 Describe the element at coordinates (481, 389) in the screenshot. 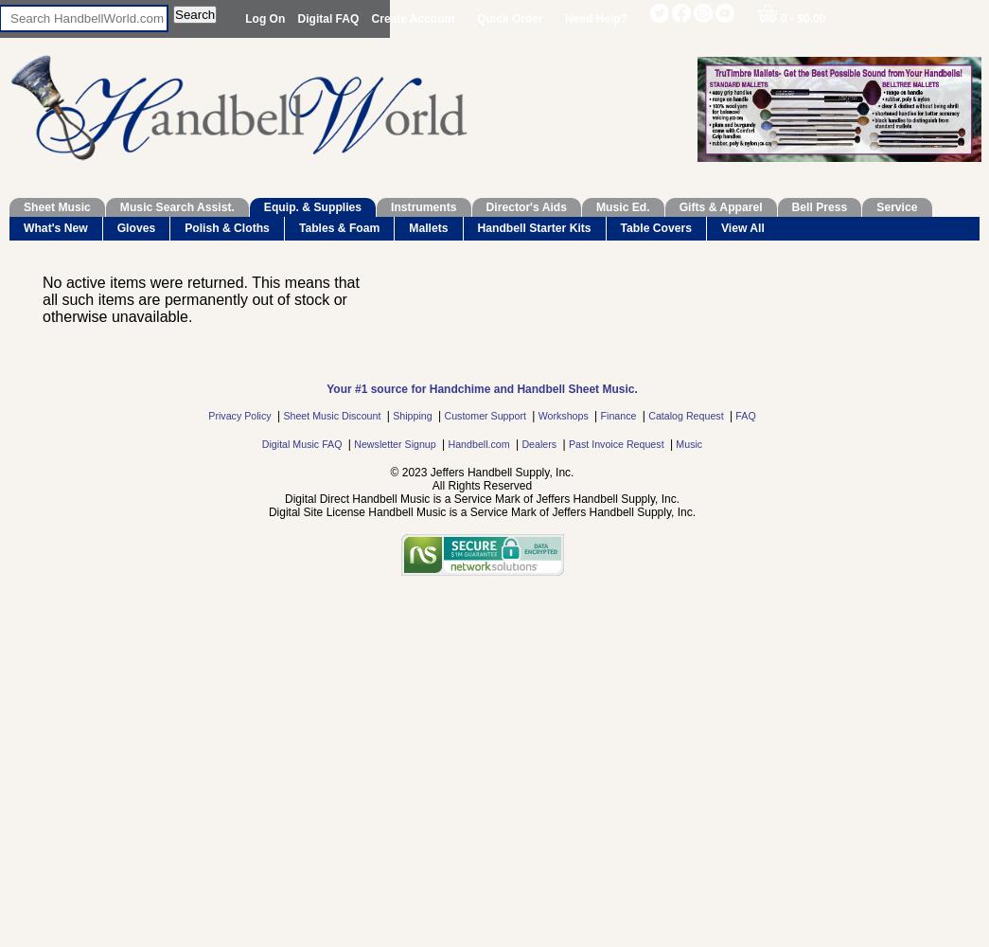

I see `'Your #1 source for Handchime and Handbell Sheet Music.'` at that location.